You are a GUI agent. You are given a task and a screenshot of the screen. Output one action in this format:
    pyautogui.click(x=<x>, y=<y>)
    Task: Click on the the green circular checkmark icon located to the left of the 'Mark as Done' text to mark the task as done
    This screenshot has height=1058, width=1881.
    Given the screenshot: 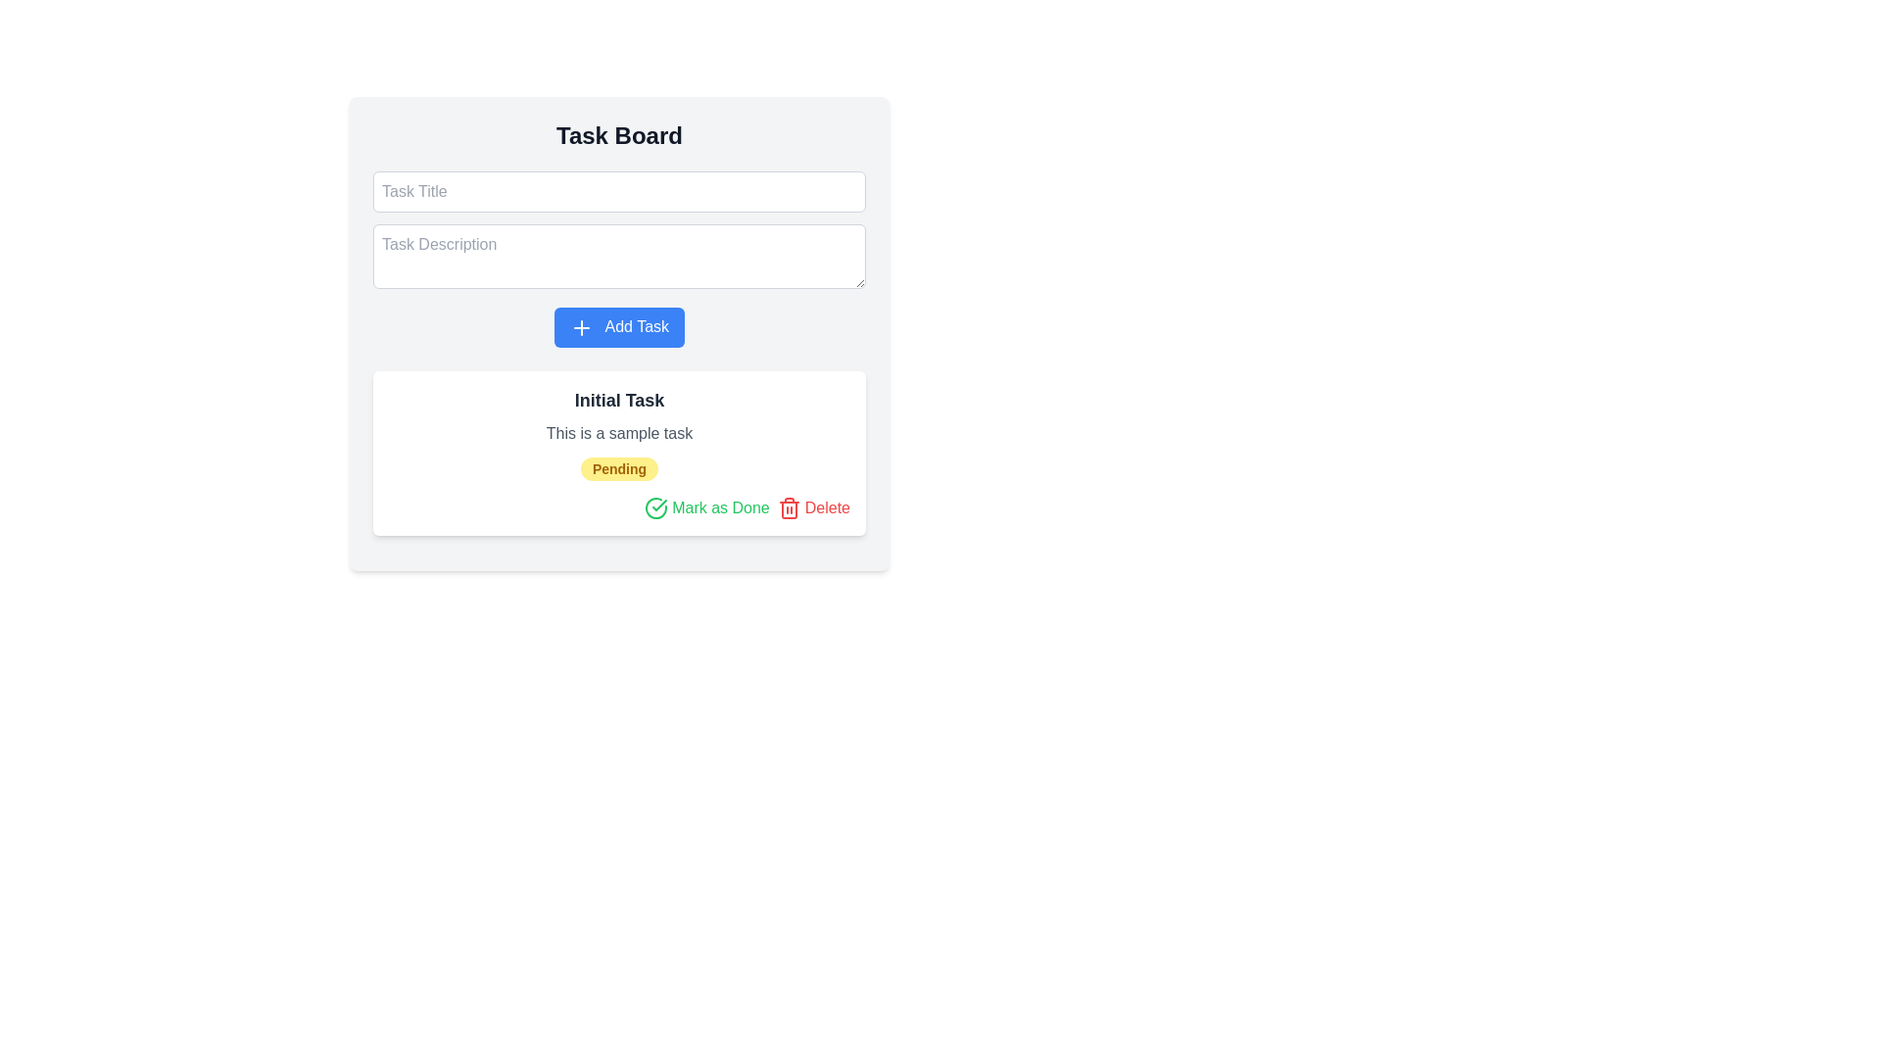 What is the action you would take?
    pyautogui.click(x=656, y=506)
    